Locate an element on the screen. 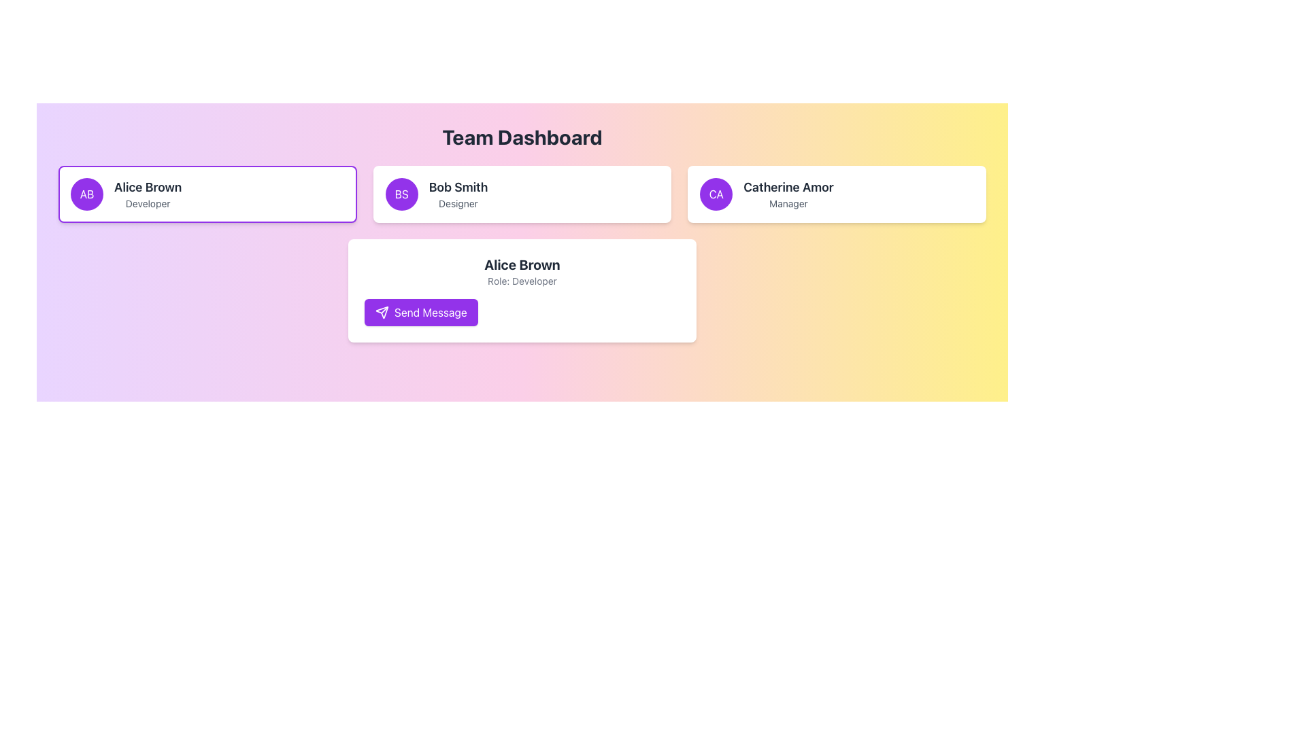 This screenshot has width=1306, height=734. text block containing 'Alice Brown' and 'Developer' located in the leftmost card of the layout, positioned to the right of a purple circle with 'AB' is located at coordinates (148, 194).